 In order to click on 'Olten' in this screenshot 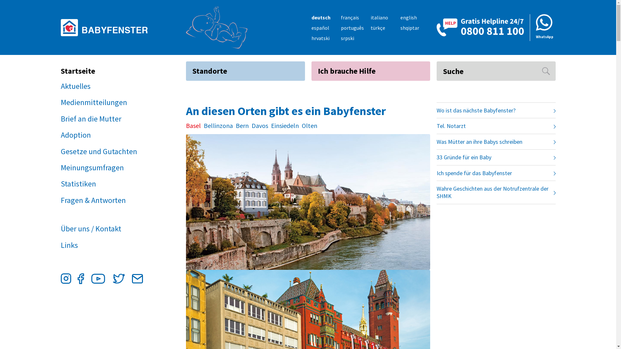, I will do `click(309, 126)`.